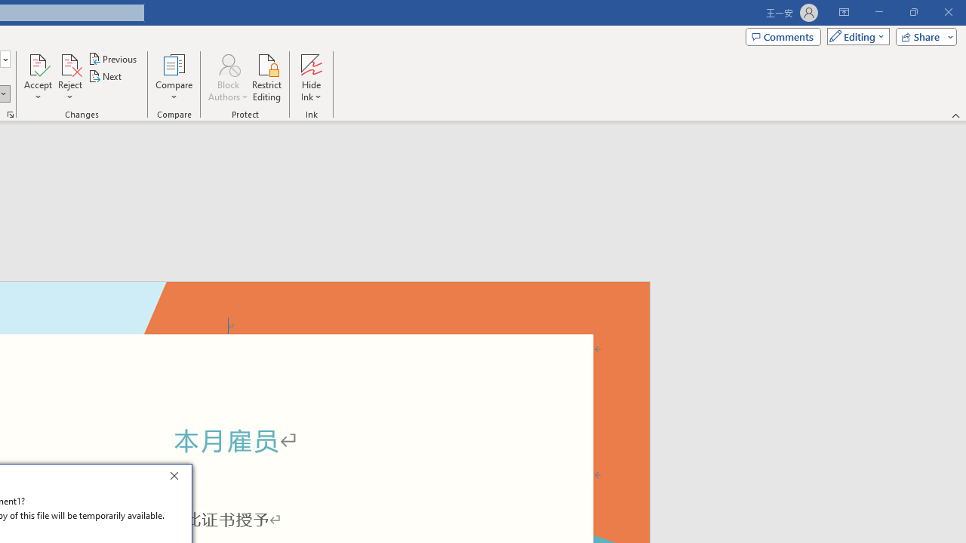  Describe the element at coordinates (878, 12) in the screenshot. I see `'Minimize'` at that location.